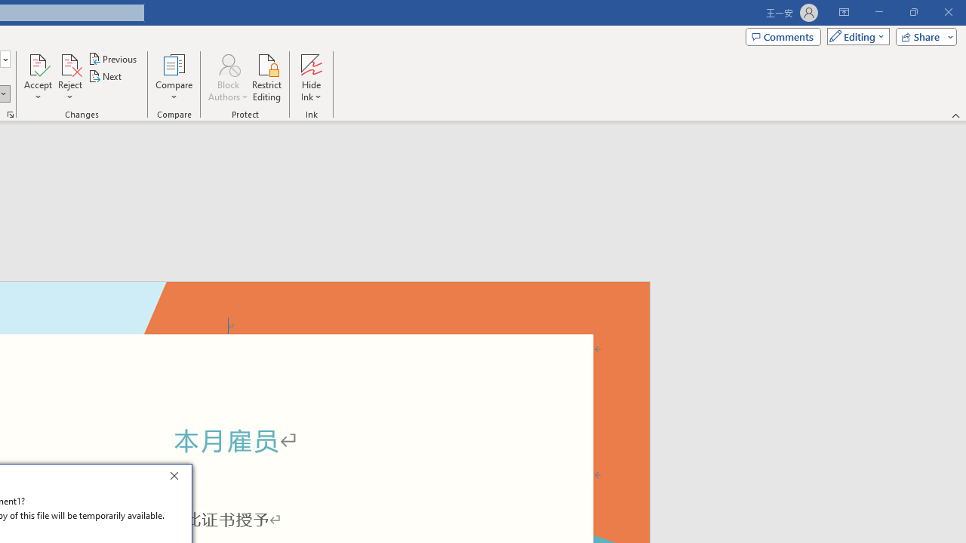  Describe the element at coordinates (878, 12) in the screenshot. I see `'Minimize'` at that location.